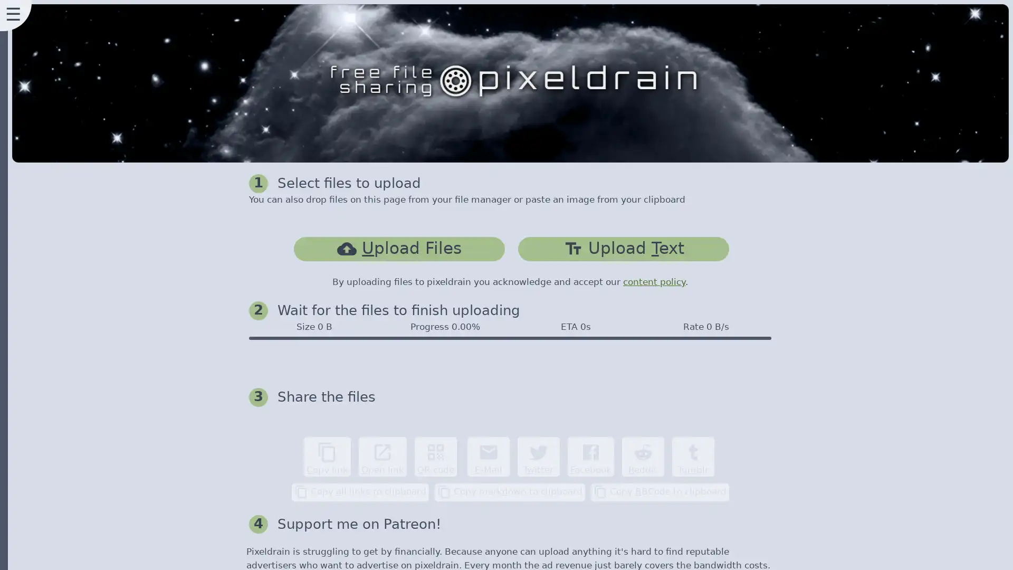 The image size is (1013, 570). Describe the element at coordinates (399, 456) in the screenshot. I see `content_copy Copy link` at that location.